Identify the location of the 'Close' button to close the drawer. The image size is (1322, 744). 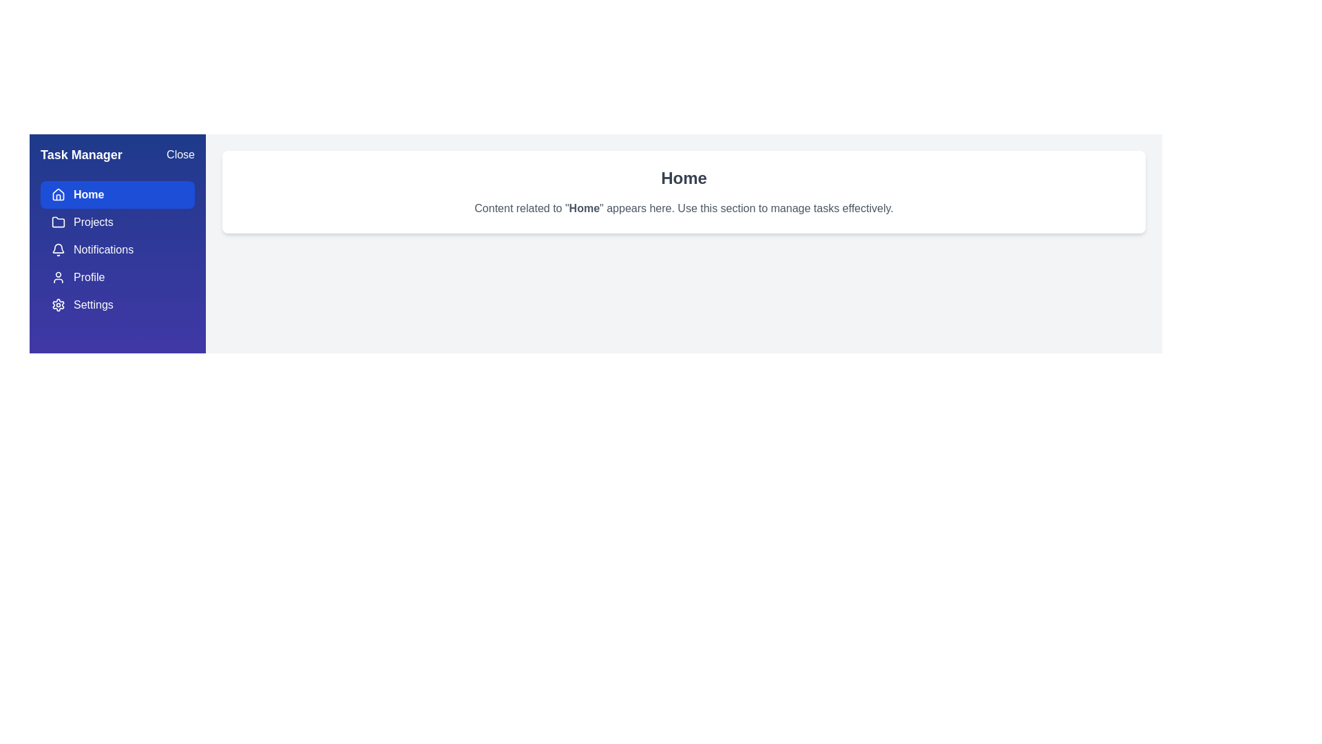
(180, 154).